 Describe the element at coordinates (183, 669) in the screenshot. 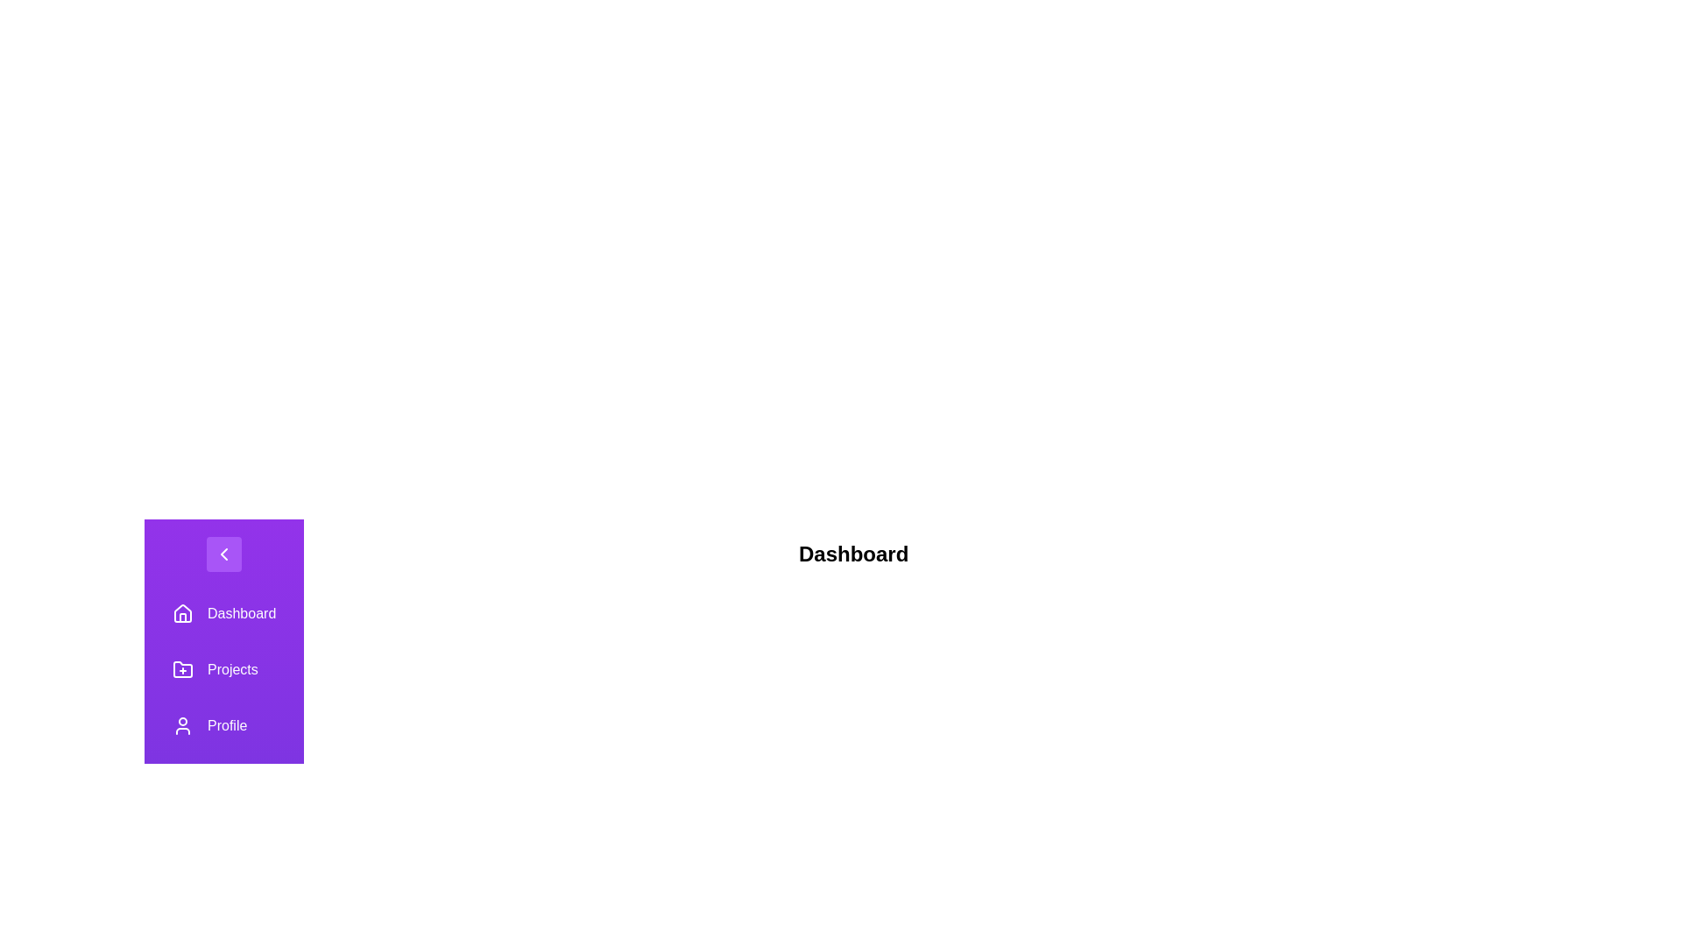

I see `the folder icon located in the second item of the vertical sidebar menu on the left side of the application interface` at that location.